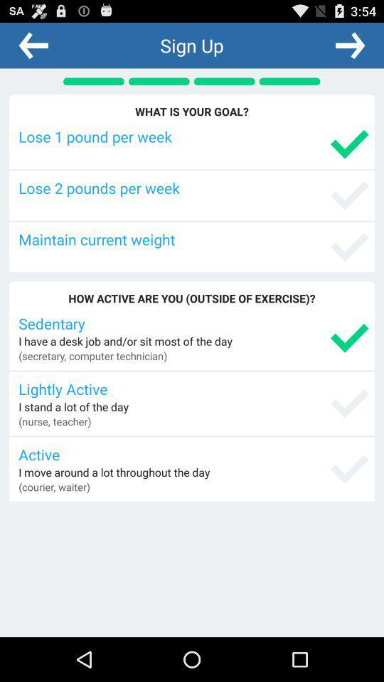 This screenshot has height=682, width=384. Describe the element at coordinates (348, 337) in the screenshot. I see `the symbol which is immediate to the right of the sedentary` at that location.